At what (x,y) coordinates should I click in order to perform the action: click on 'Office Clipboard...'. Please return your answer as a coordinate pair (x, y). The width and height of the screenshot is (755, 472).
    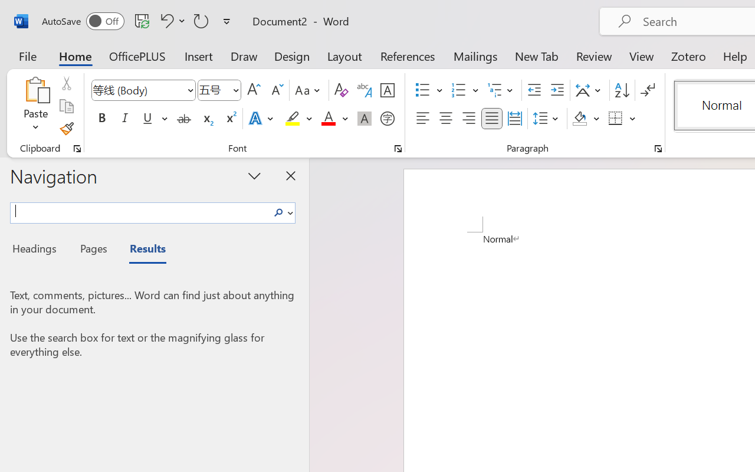
    Looking at the image, I should click on (77, 148).